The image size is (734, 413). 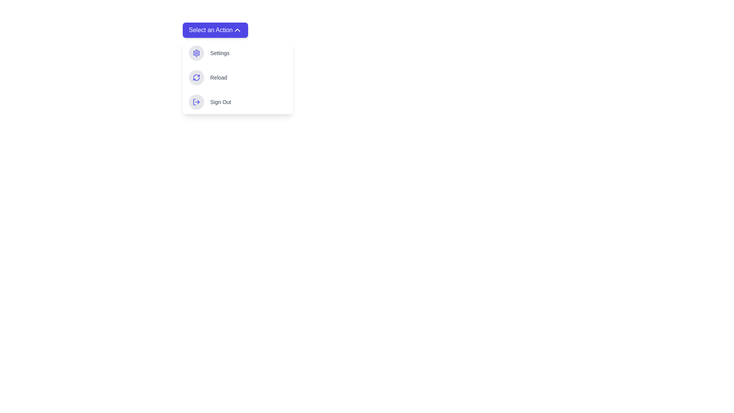 What do you see at coordinates (196, 78) in the screenshot?
I see `the 'Reload' icon located in the vertical menu below the 'Select an Action' dropdown` at bounding box center [196, 78].